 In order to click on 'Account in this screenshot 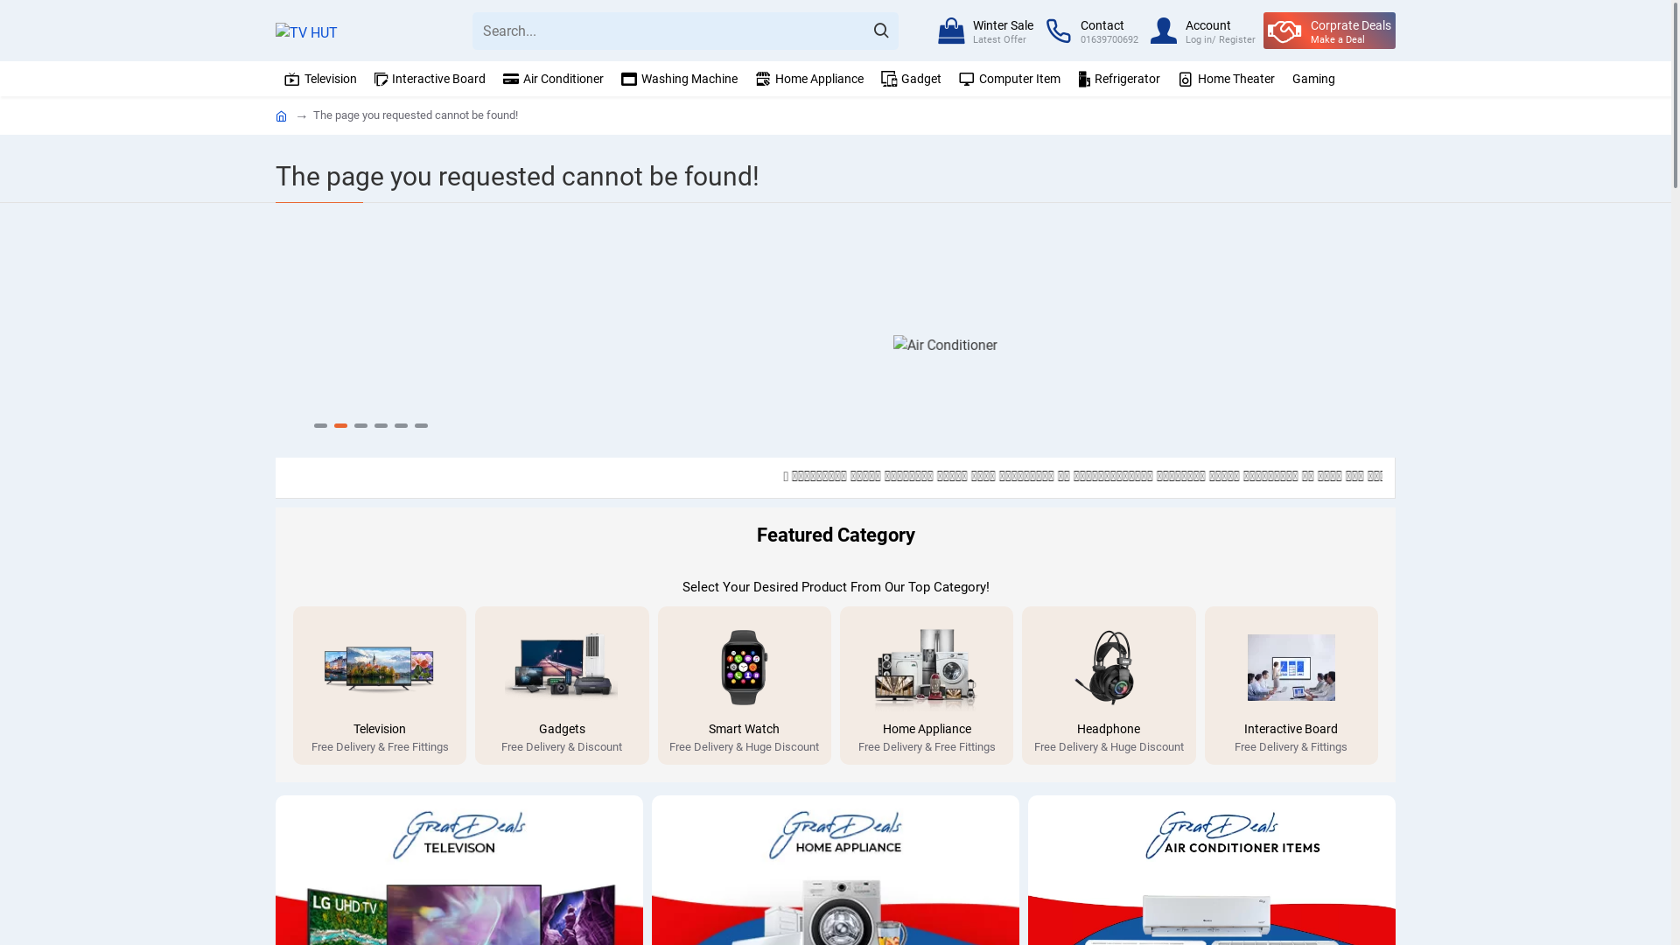, I will do `click(1201, 30)`.